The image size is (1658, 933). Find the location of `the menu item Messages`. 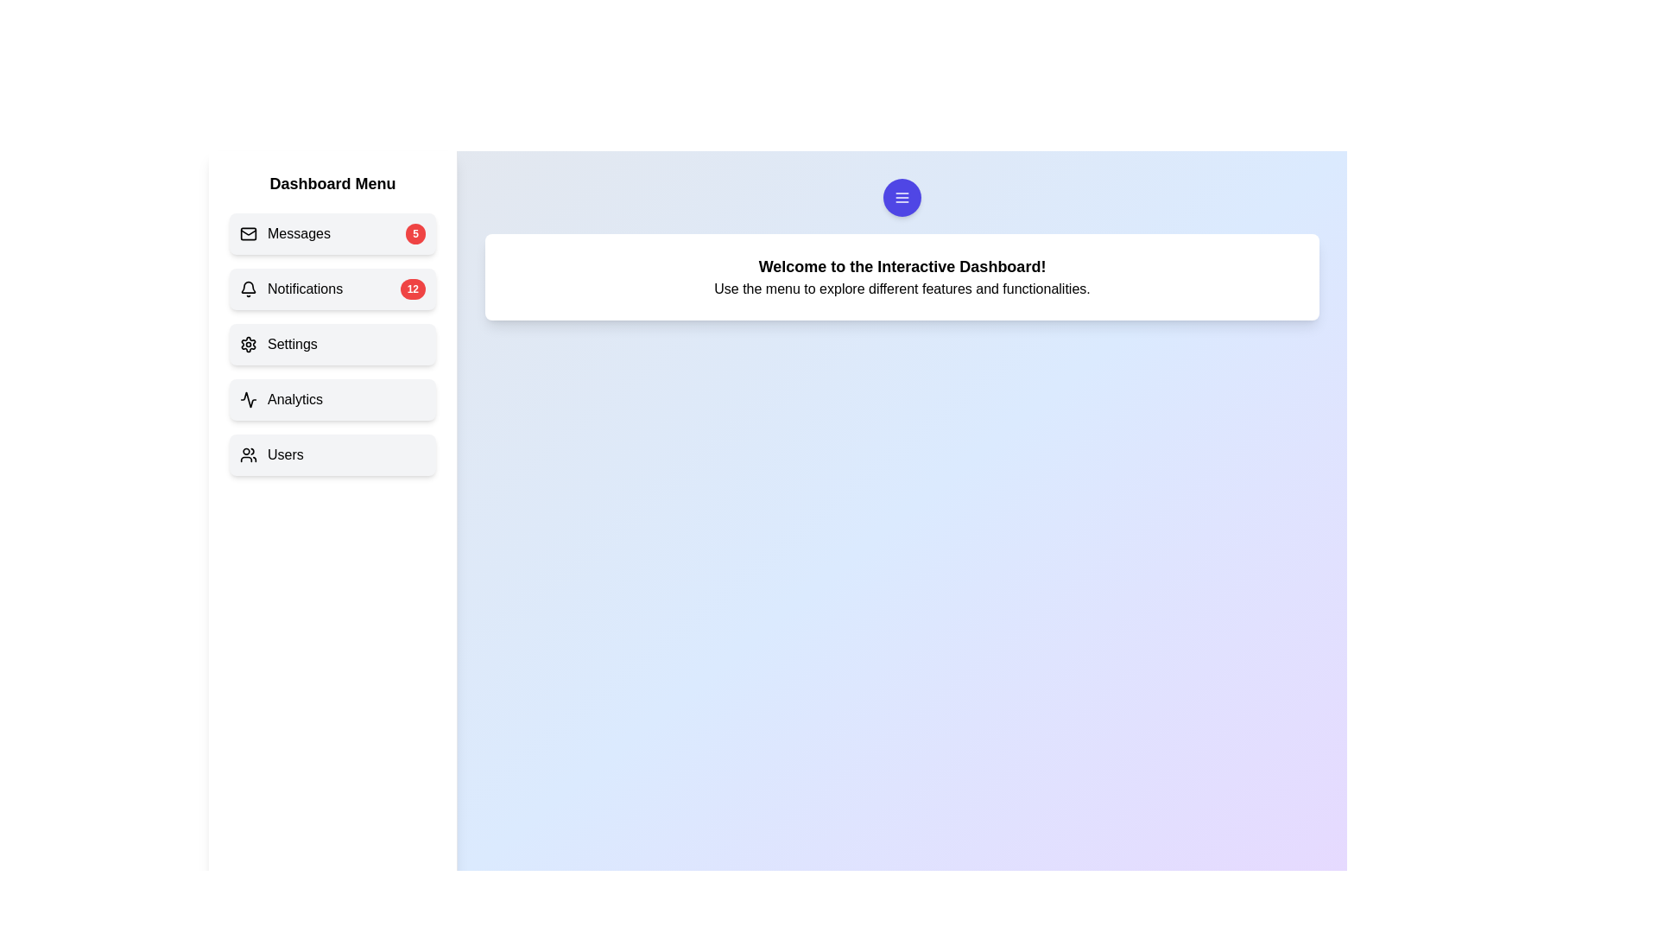

the menu item Messages is located at coordinates (332, 233).